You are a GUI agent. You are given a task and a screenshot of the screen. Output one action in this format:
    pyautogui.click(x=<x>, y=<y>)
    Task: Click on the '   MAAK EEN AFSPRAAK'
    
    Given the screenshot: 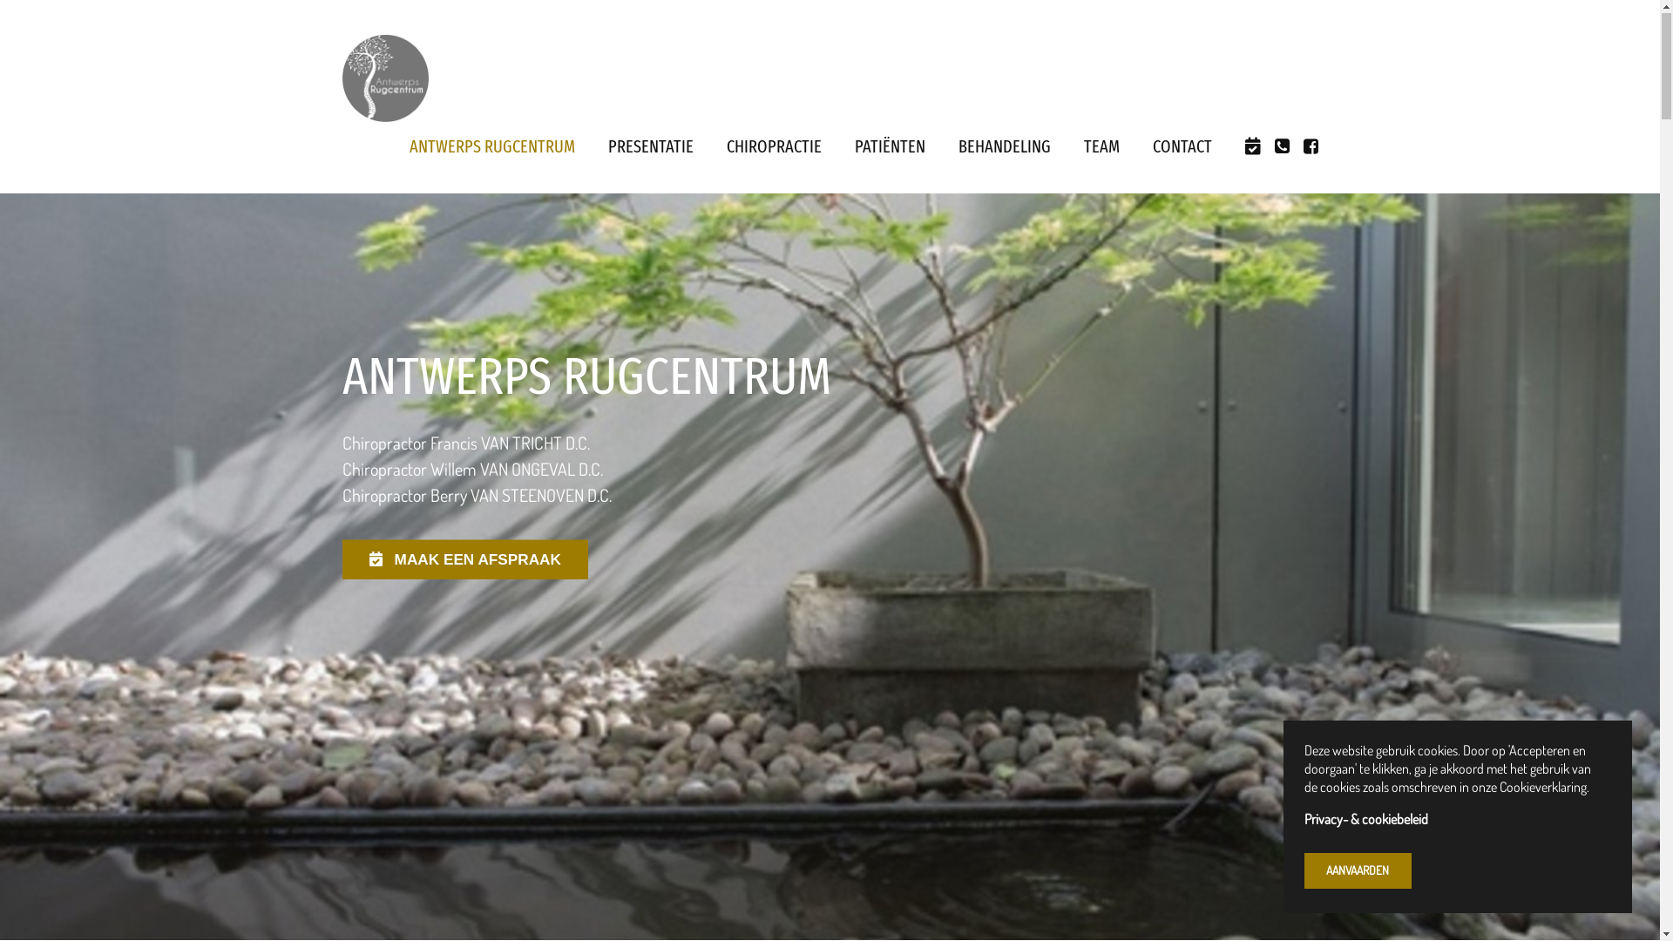 What is the action you would take?
    pyautogui.click(x=464, y=560)
    